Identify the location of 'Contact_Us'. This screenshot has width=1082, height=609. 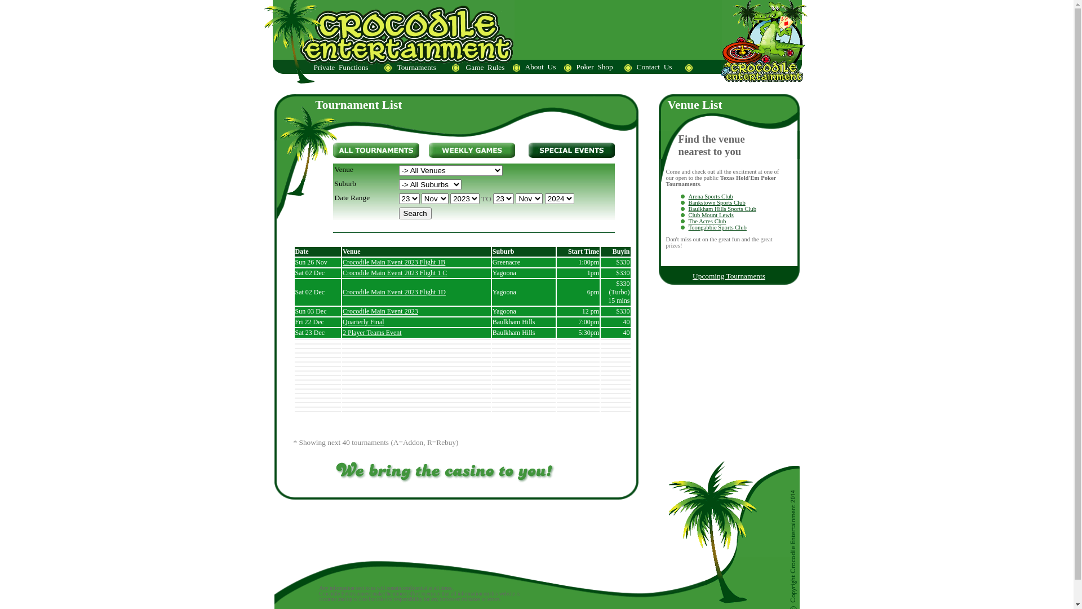
(654, 67).